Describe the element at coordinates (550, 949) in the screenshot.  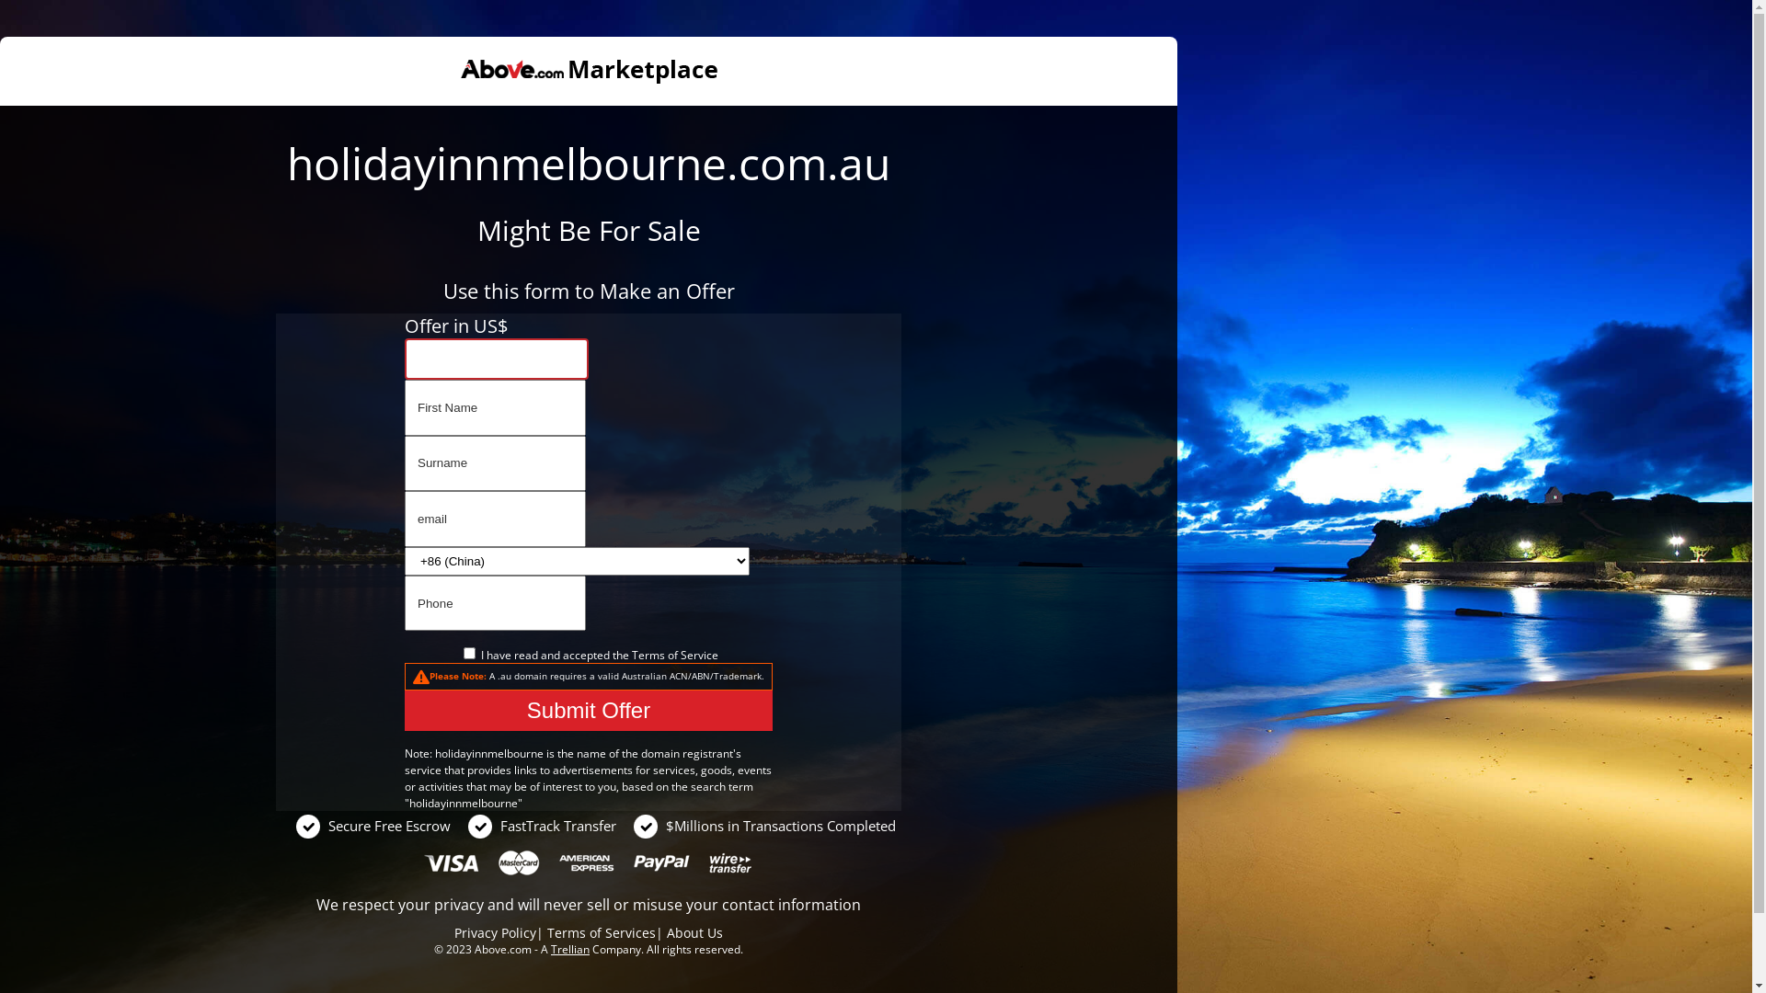
I see `'Trellian'` at that location.